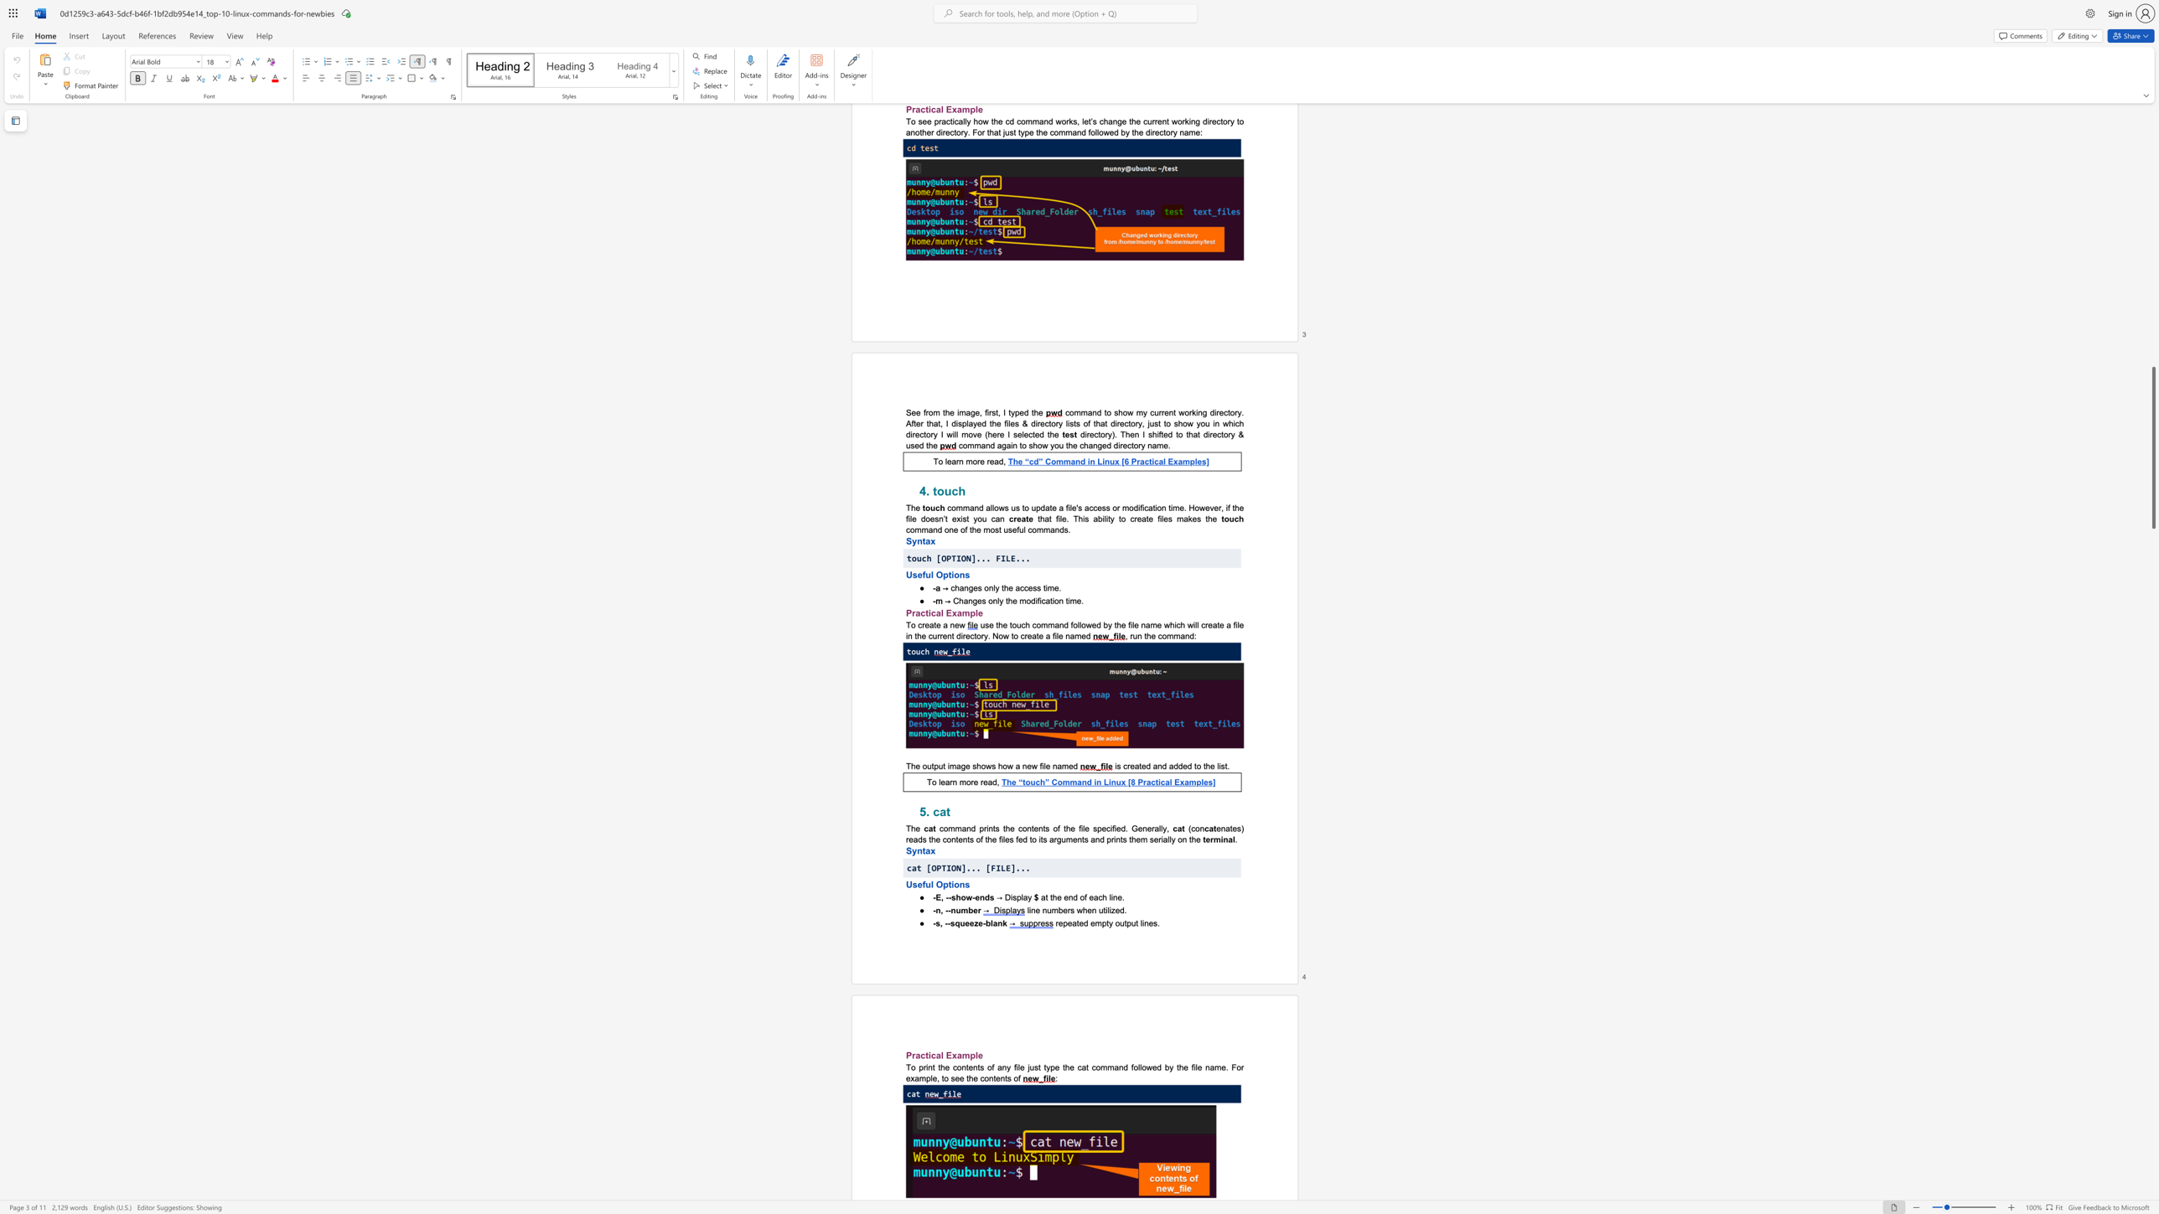 The height and width of the screenshot is (1214, 2159). I want to click on the 1th character "p" in the text, so click(945, 883).